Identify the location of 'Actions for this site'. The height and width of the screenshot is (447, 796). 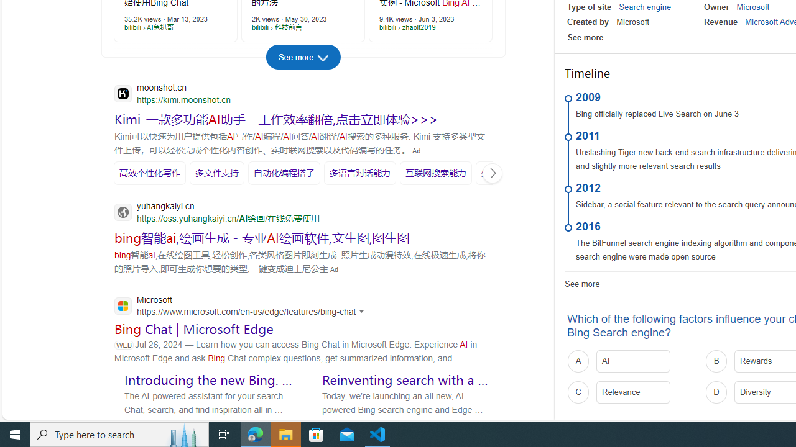
(363, 310).